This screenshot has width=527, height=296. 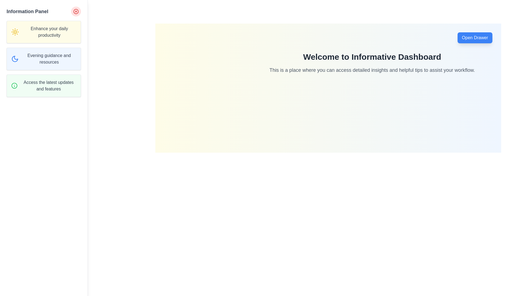 What do you see at coordinates (76, 12) in the screenshot?
I see `the main circular part of the button, which is a circular graphic element with a red border and white fill, located to the right of the heading 'Information Panel'` at bounding box center [76, 12].